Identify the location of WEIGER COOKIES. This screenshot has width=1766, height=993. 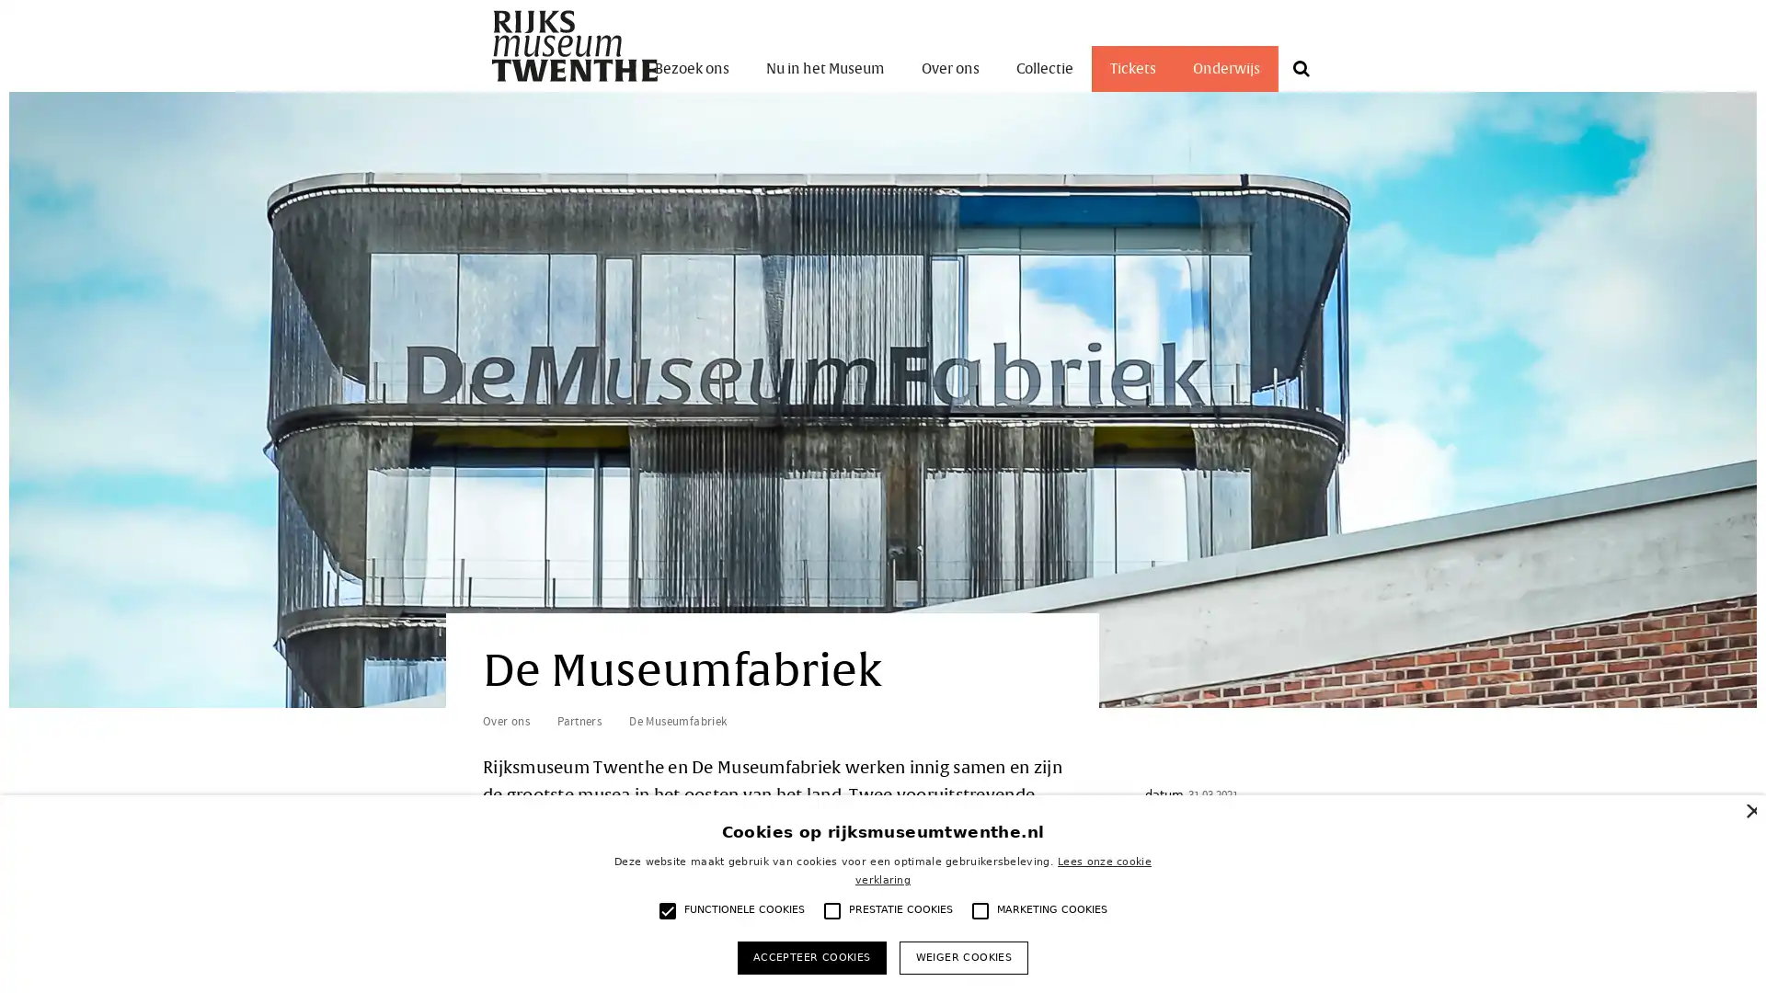
(962, 956).